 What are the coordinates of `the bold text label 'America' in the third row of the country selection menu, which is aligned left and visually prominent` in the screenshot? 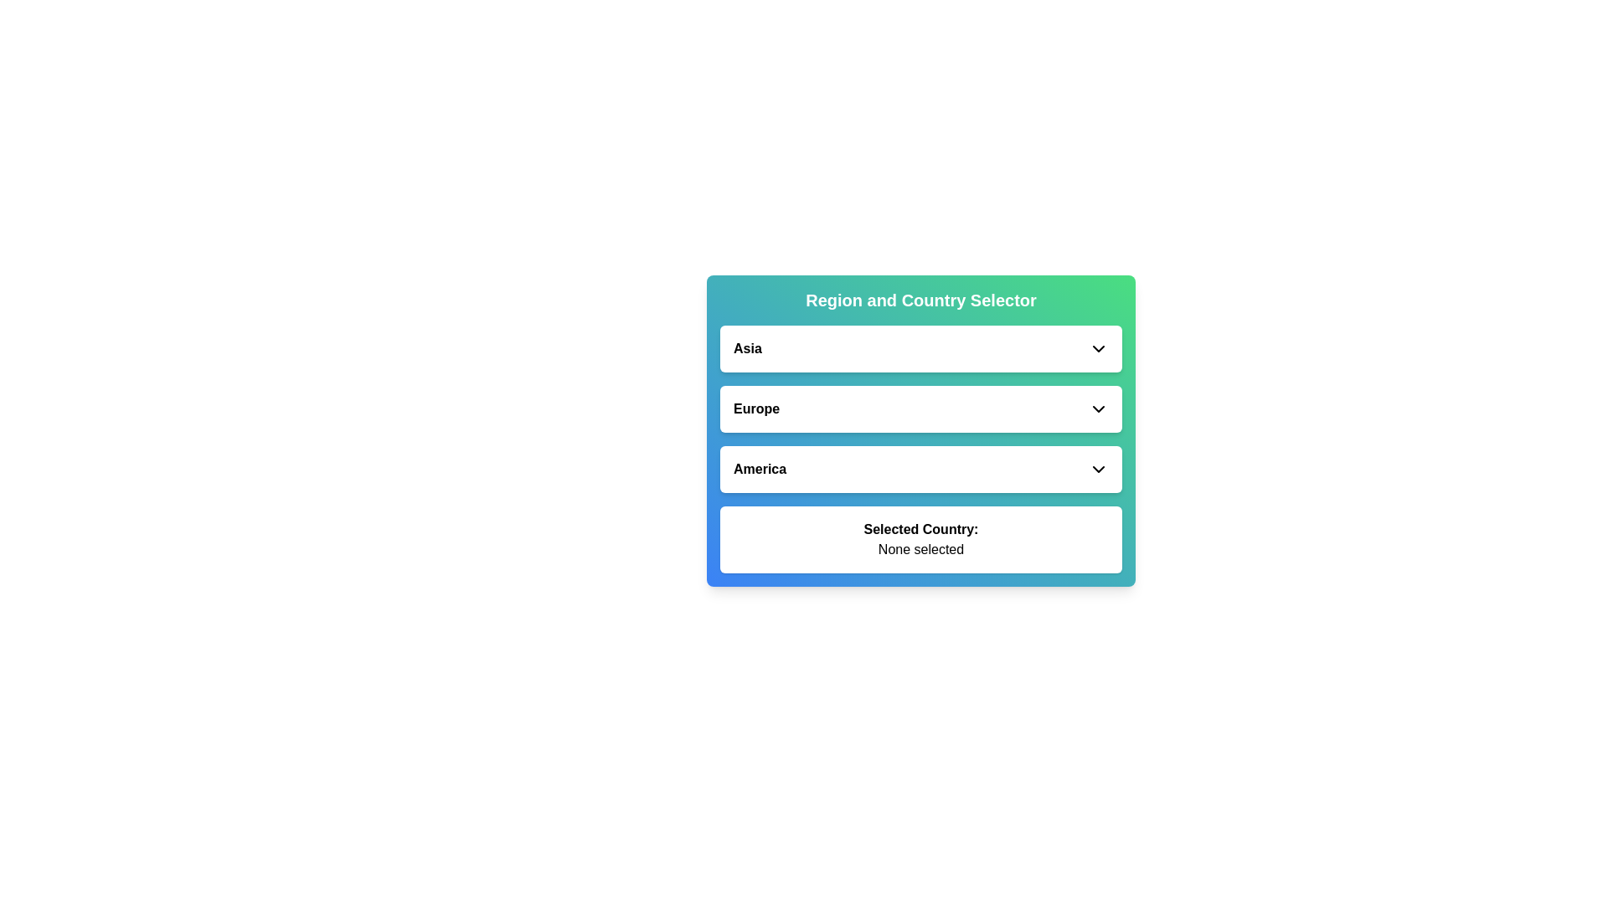 It's located at (759, 469).